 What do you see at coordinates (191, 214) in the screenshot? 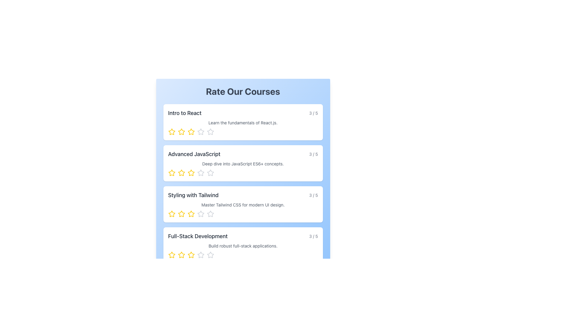
I see `the fifth yellow star icon in the course rating section for 'Styling with Tailwind'` at bounding box center [191, 214].